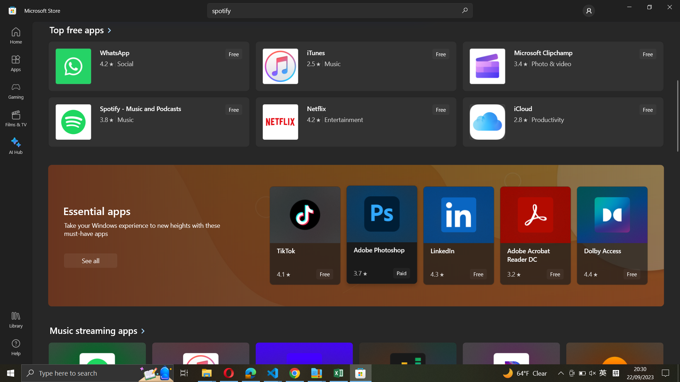  What do you see at coordinates (562, 66) in the screenshot?
I see `Microsoft Clipchamp` at bounding box center [562, 66].